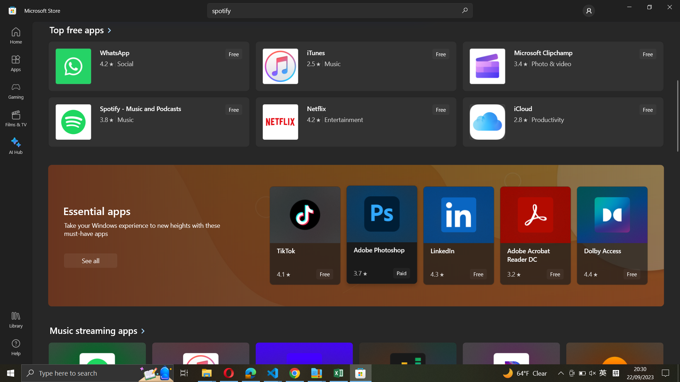  What do you see at coordinates (562, 66) in the screenshot?
I see `Microsoft Clipchamp` at bounding box center [562, 66].